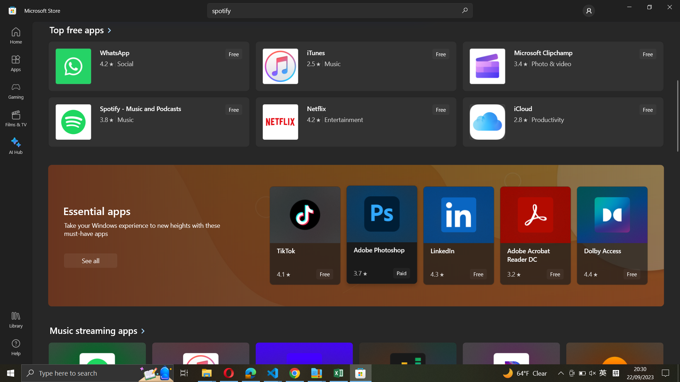  What do you see at coordinates (562, 66) in the screenshot?
I see `Microsoft Clipchamp` at bounding box center [562, 66].